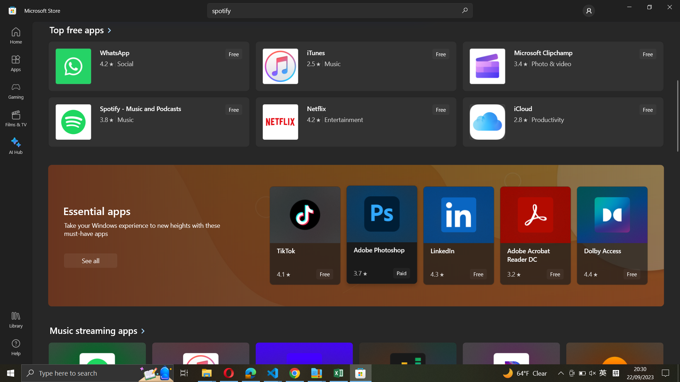  What do you see at coordinates (562, 66) in the screenshot?
I see `Microsoft Clipchamp` at bounding box center [562, 66].